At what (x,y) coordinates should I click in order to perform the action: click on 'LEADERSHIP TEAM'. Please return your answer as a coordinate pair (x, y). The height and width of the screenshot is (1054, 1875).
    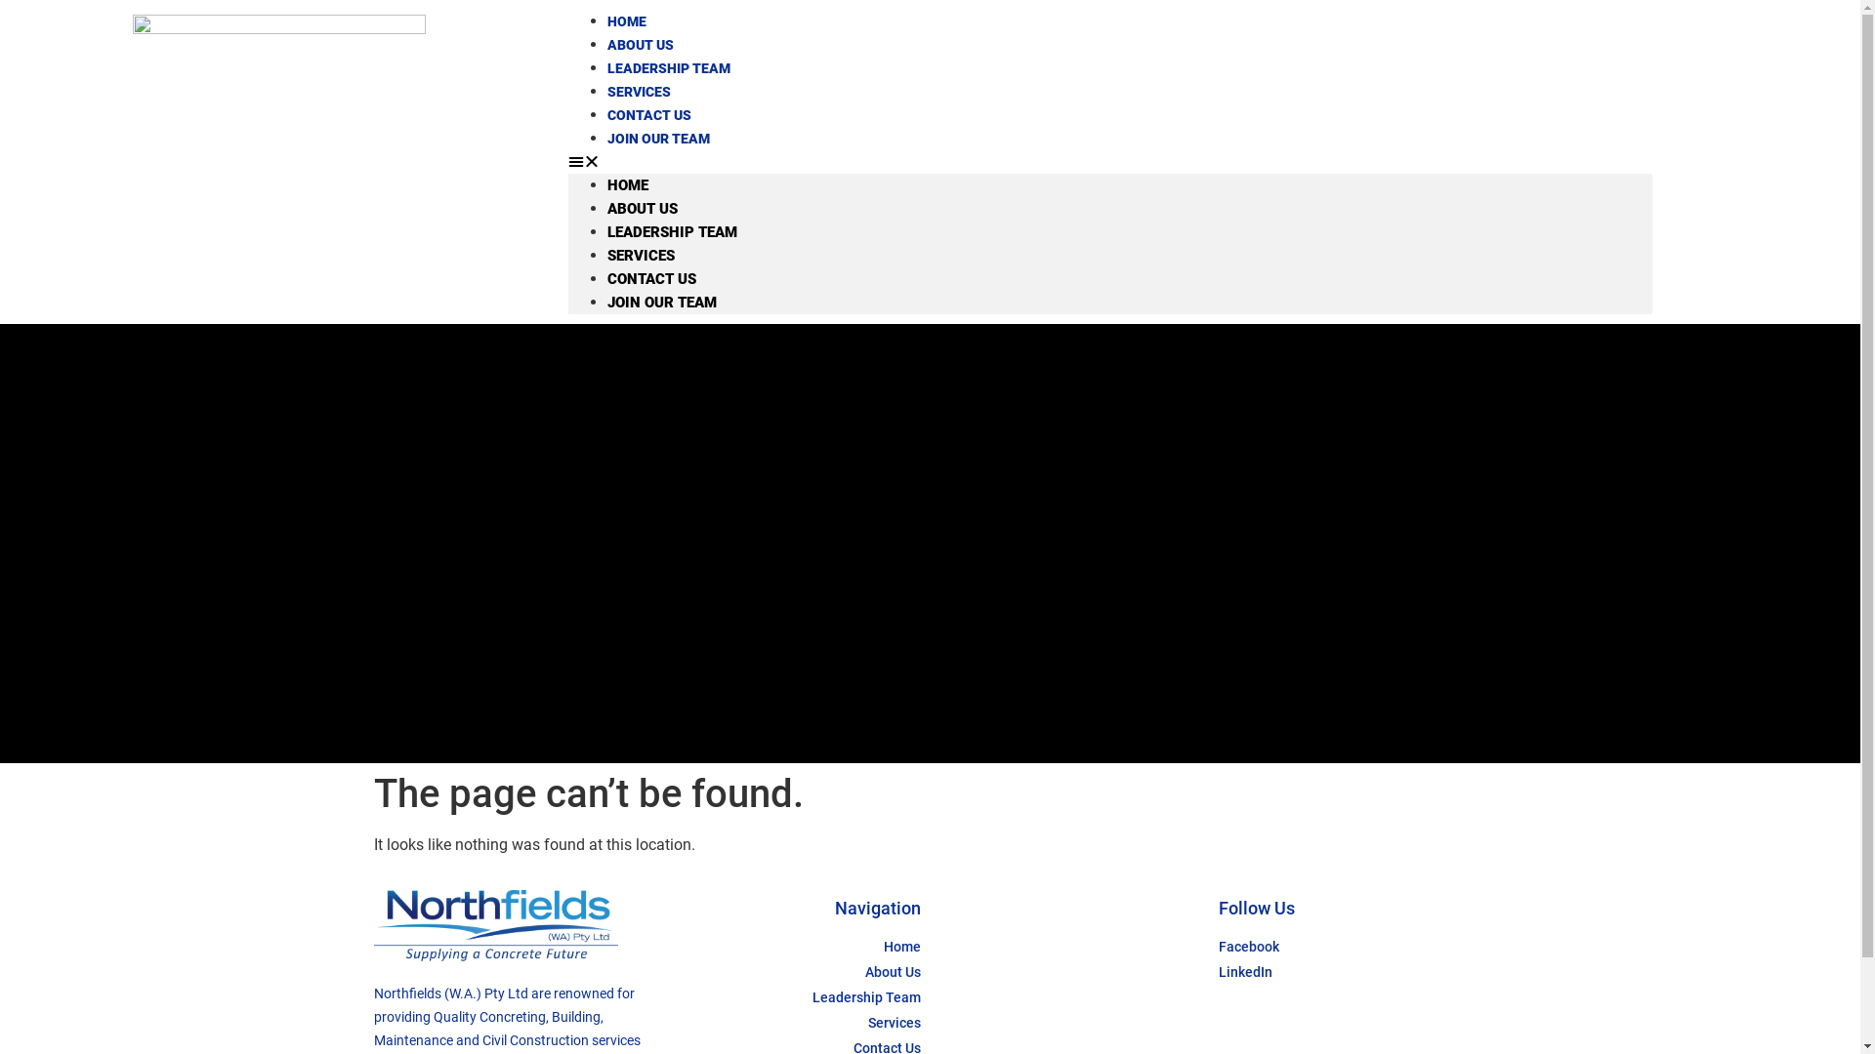
    Looking at the image, I should click on (669, 66).